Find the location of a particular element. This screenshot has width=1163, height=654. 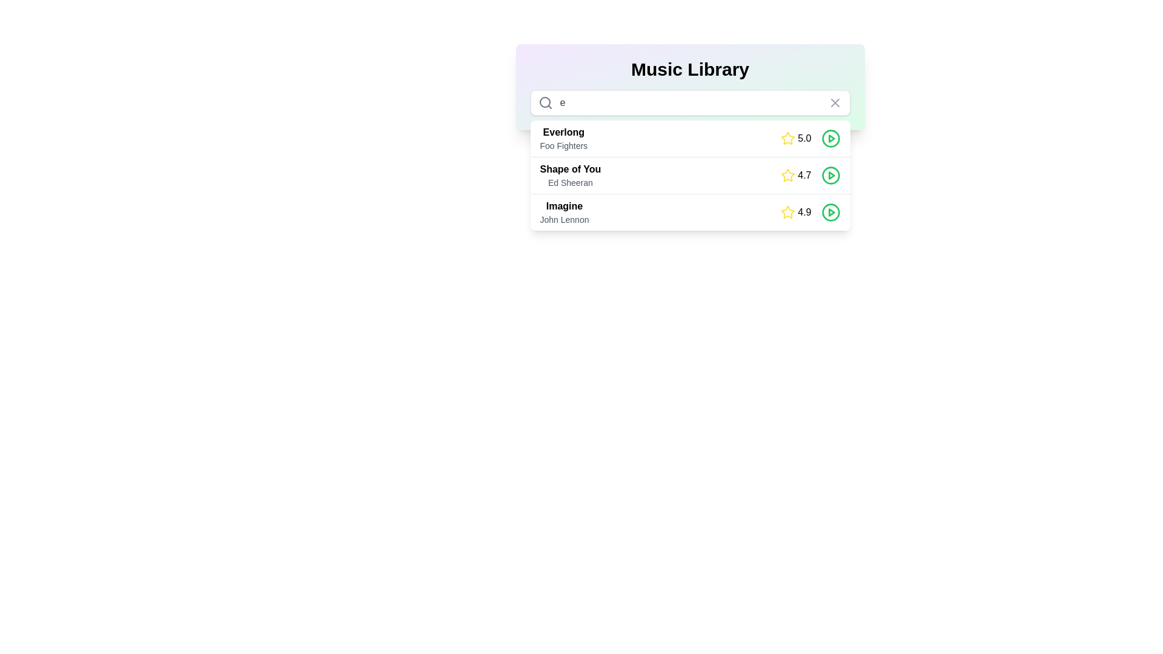

the rating icon located in the bottom row of the 'Music Library' table, associated with the 'Imagine' item, positioned left of the numeric rating '4.9' is located at coordinates (788, 211).